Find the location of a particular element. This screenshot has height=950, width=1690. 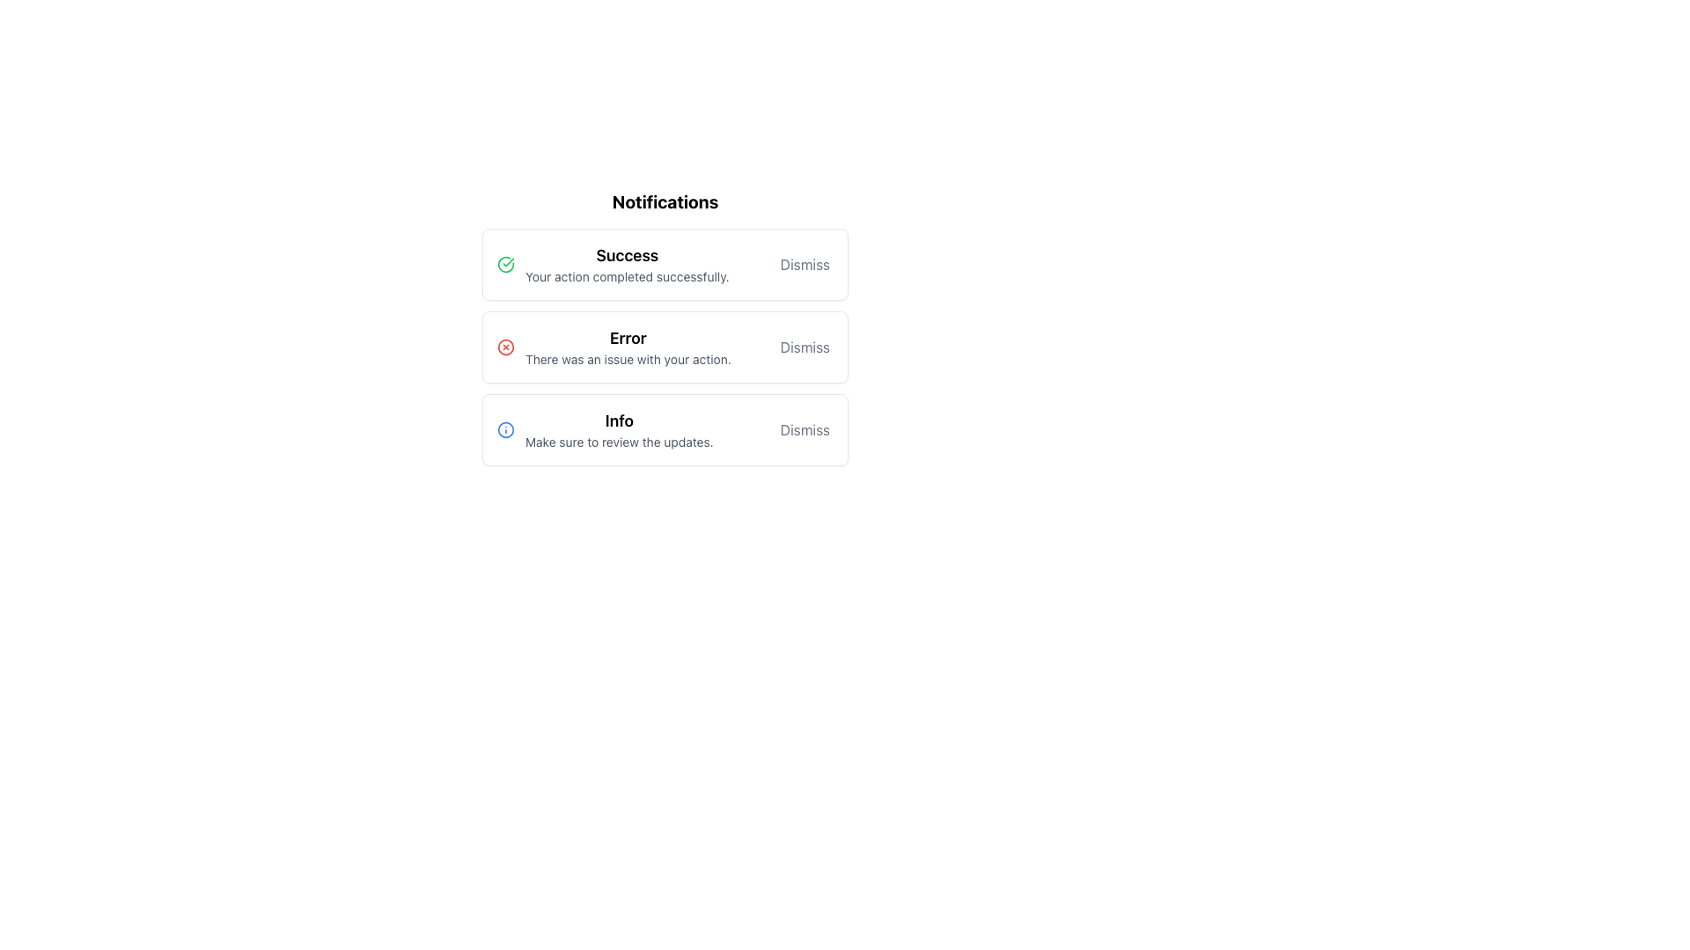

the main title text element of the 'Error' notification card, which is located in the second row of notifications is located at coordinates (628, 339).